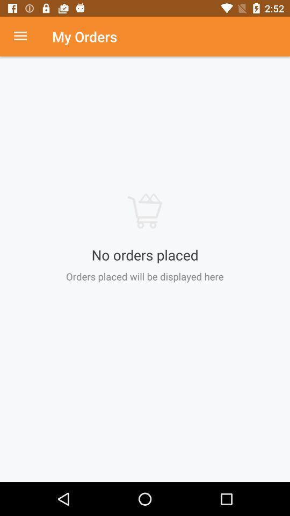 The height and width of the screenshot is (516, 290). I want to click on choose menu, so click(26, 37).